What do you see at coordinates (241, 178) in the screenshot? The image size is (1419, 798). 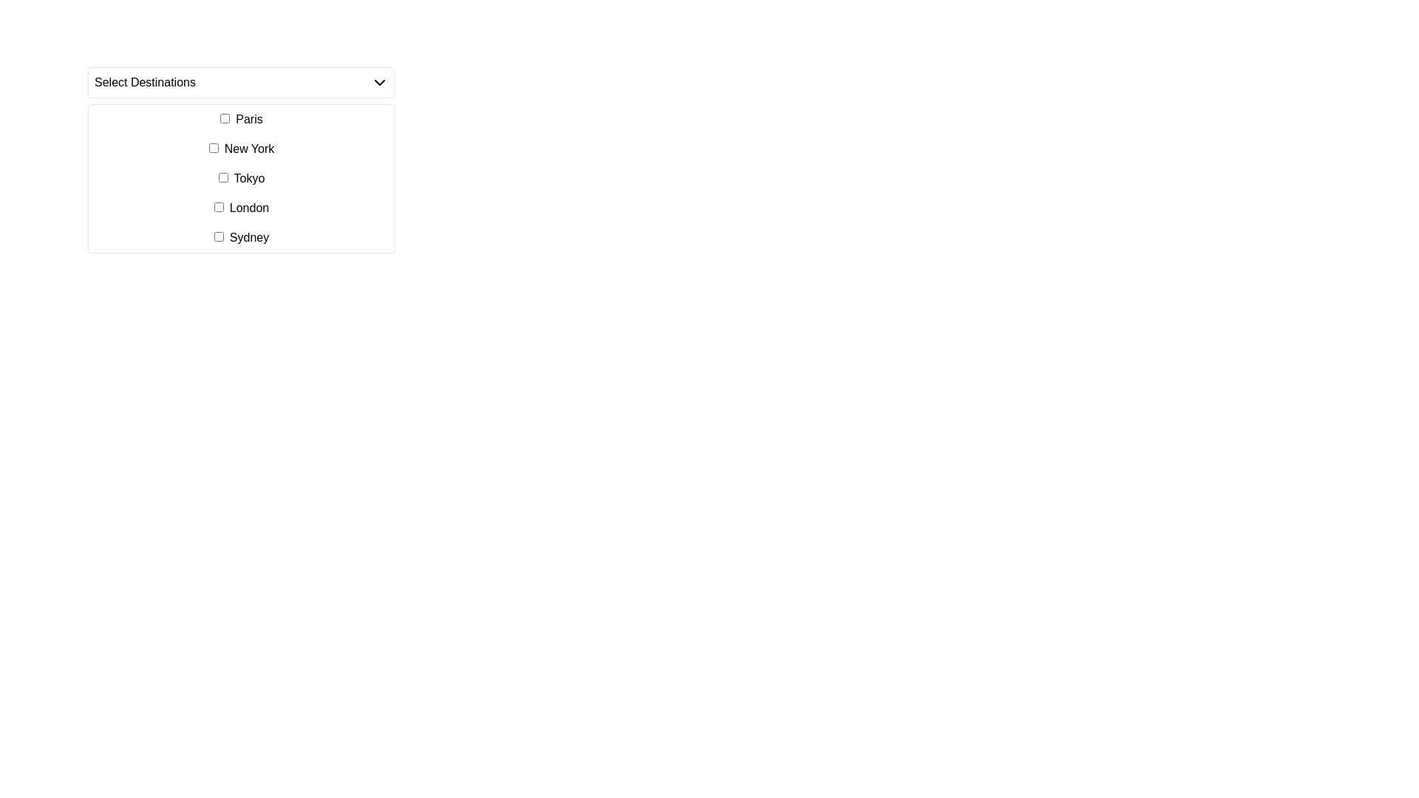 I see `the checkbox next to the 'Tokyo' label` at bounding box center [241, 178].